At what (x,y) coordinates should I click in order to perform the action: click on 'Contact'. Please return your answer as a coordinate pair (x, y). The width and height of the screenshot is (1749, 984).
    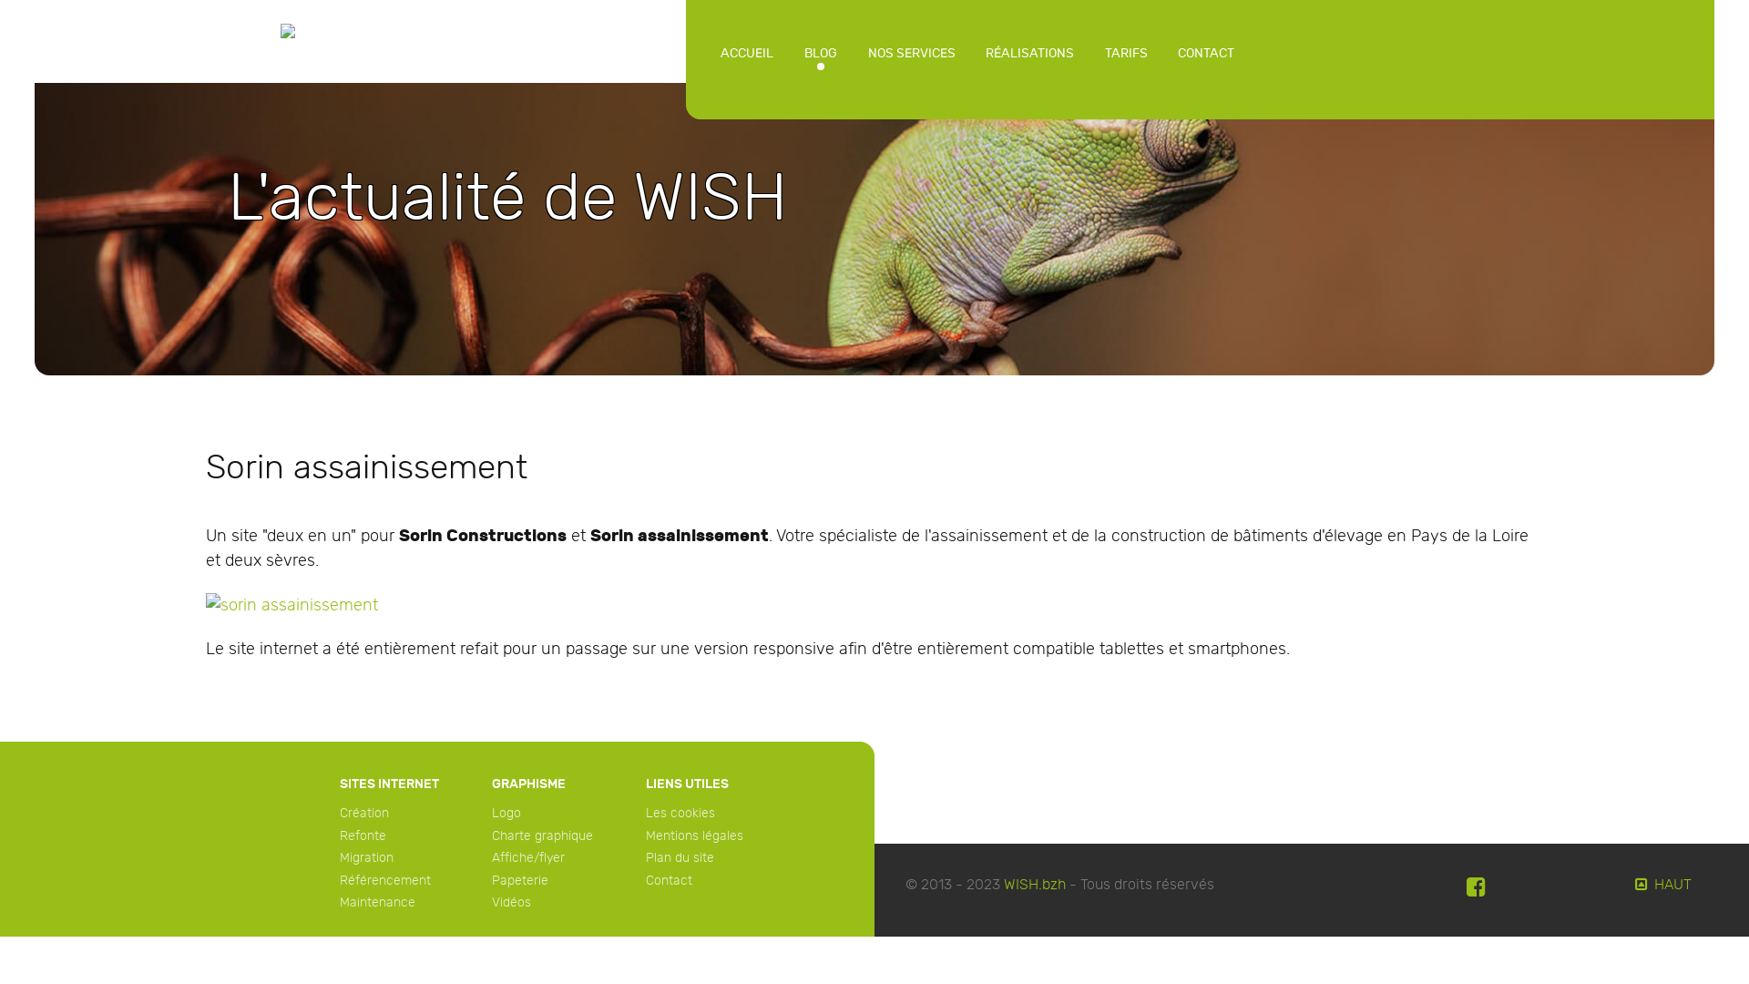
    Looking at the image, I should click on (668, 879).